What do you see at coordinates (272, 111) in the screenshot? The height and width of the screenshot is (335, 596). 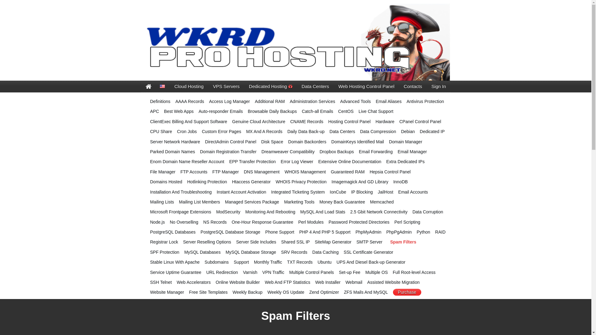 I see `'Browsable Daily Backups'` at bounding box center [272, 111].